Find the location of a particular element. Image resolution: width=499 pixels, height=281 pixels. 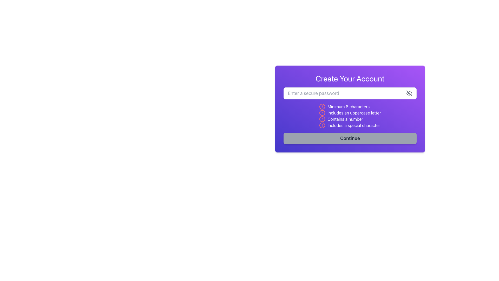

the validation issue icon located to the left of the text 'Minimum 8 characters', which is the first element in the vertical list of password policy validation criteria is located at coordinates (322, 106).